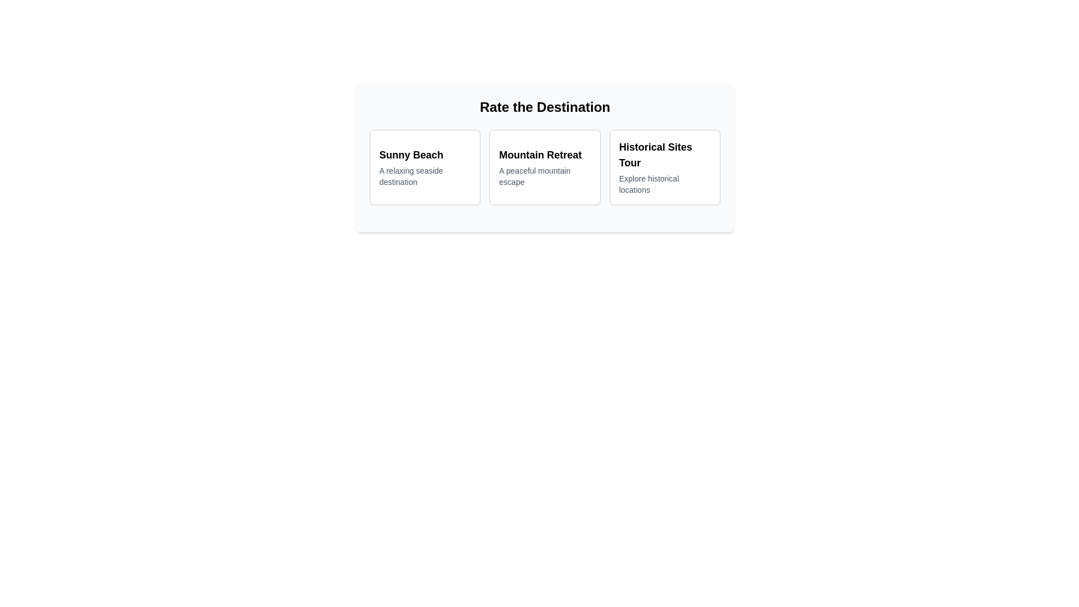 The width and height of the screenshot is (1079, 607). I want to click on the static text element reading 'Explore historical locations', which is styled in a small gray font and located within the card labeled 'Historical Sites Tour', so click(665, 183).